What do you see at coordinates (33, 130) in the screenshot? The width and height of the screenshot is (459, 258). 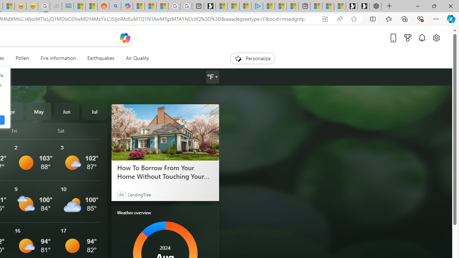 I see `'Fri'` at bounding box center [33, 130].